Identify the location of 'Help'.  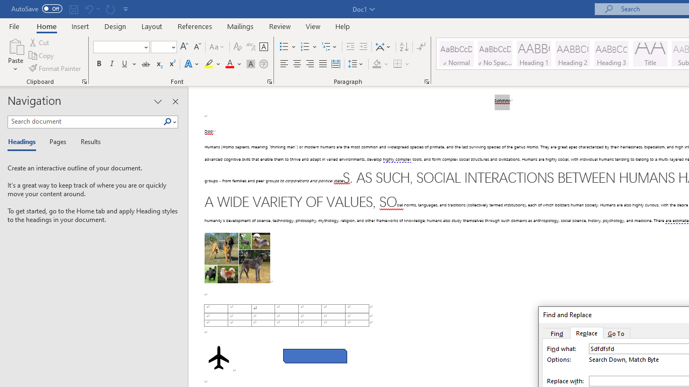
(342, 26).